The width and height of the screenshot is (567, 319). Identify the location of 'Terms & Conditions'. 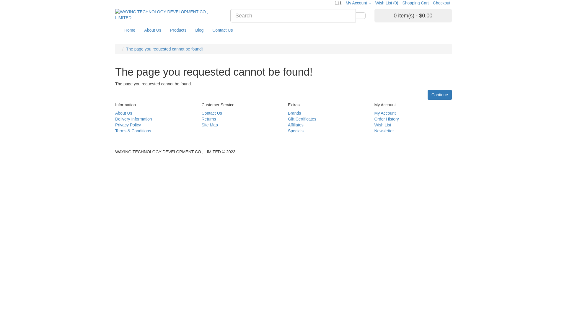
(133, 131).